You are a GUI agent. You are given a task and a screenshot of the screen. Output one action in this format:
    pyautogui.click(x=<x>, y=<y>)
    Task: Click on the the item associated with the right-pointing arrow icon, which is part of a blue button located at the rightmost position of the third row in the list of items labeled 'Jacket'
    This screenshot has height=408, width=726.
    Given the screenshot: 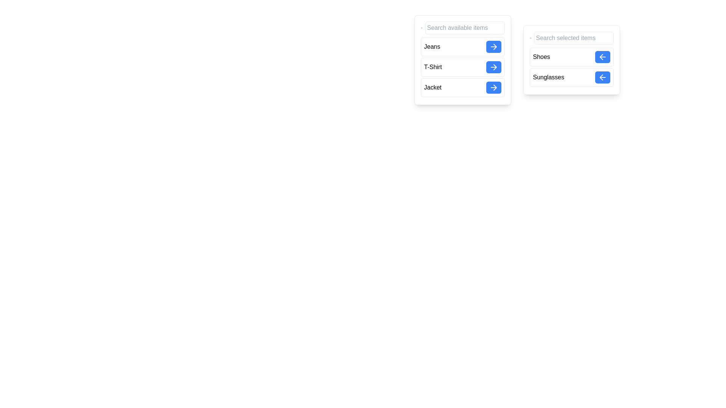 What is the action you would take?
    pyautogui.click(x=495, y=87)
    